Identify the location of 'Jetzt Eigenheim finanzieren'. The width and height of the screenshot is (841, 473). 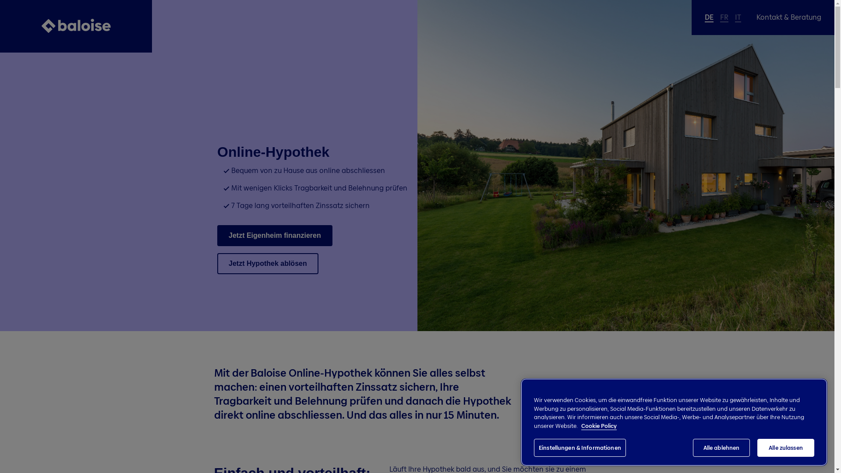
(274, 235).